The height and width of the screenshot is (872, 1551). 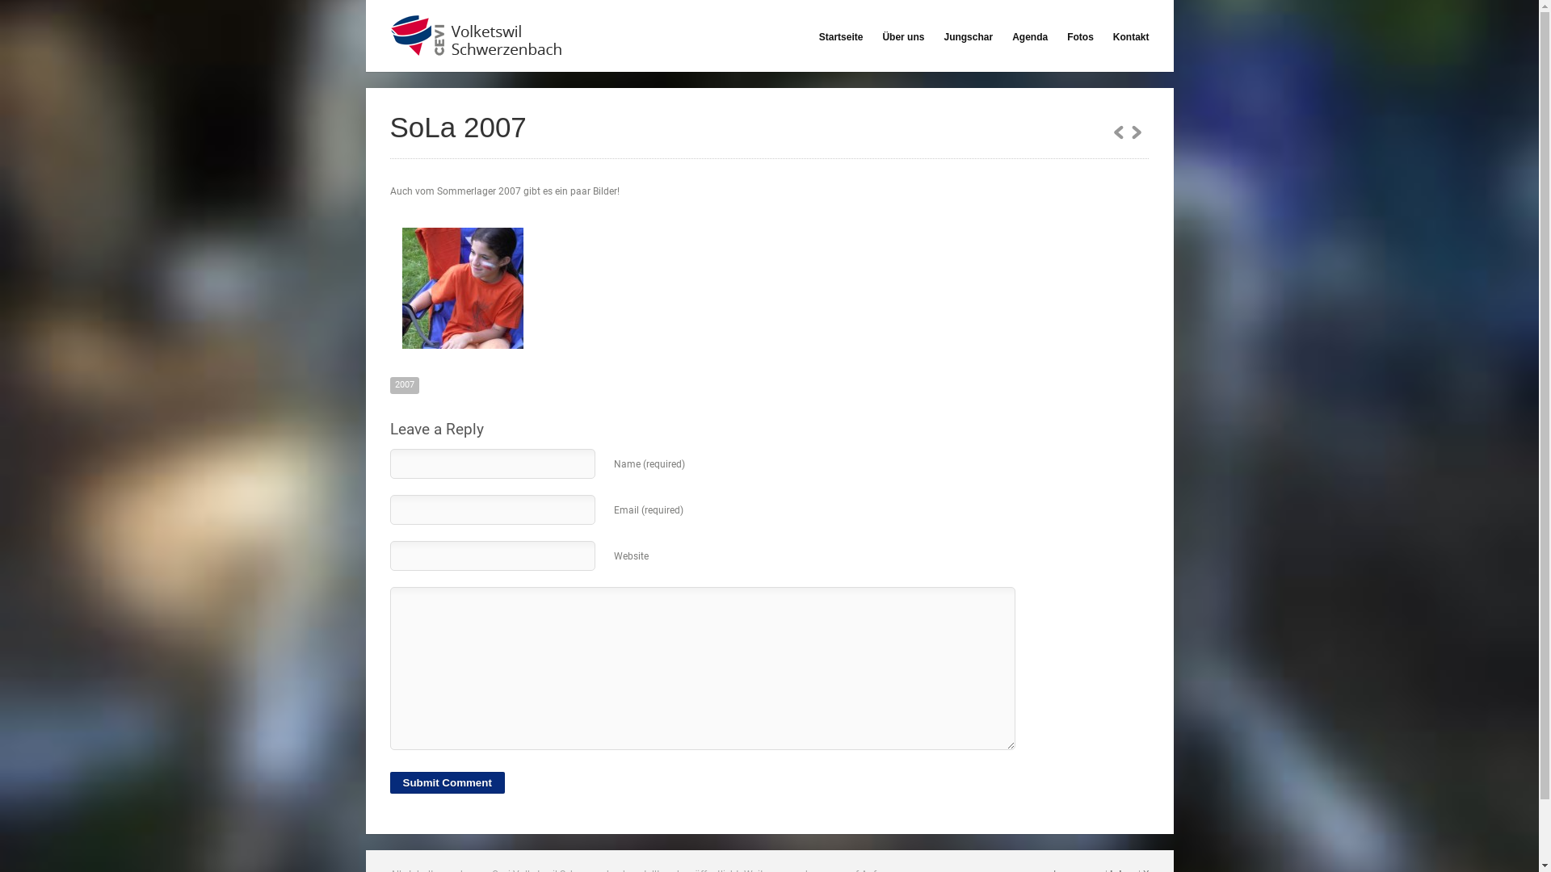 I want to click on 'Agenda', so click(x=1011, y=36).